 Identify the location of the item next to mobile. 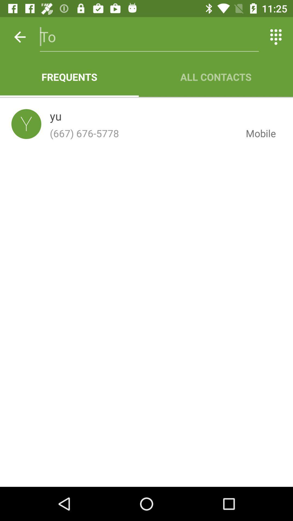
(56, 117).